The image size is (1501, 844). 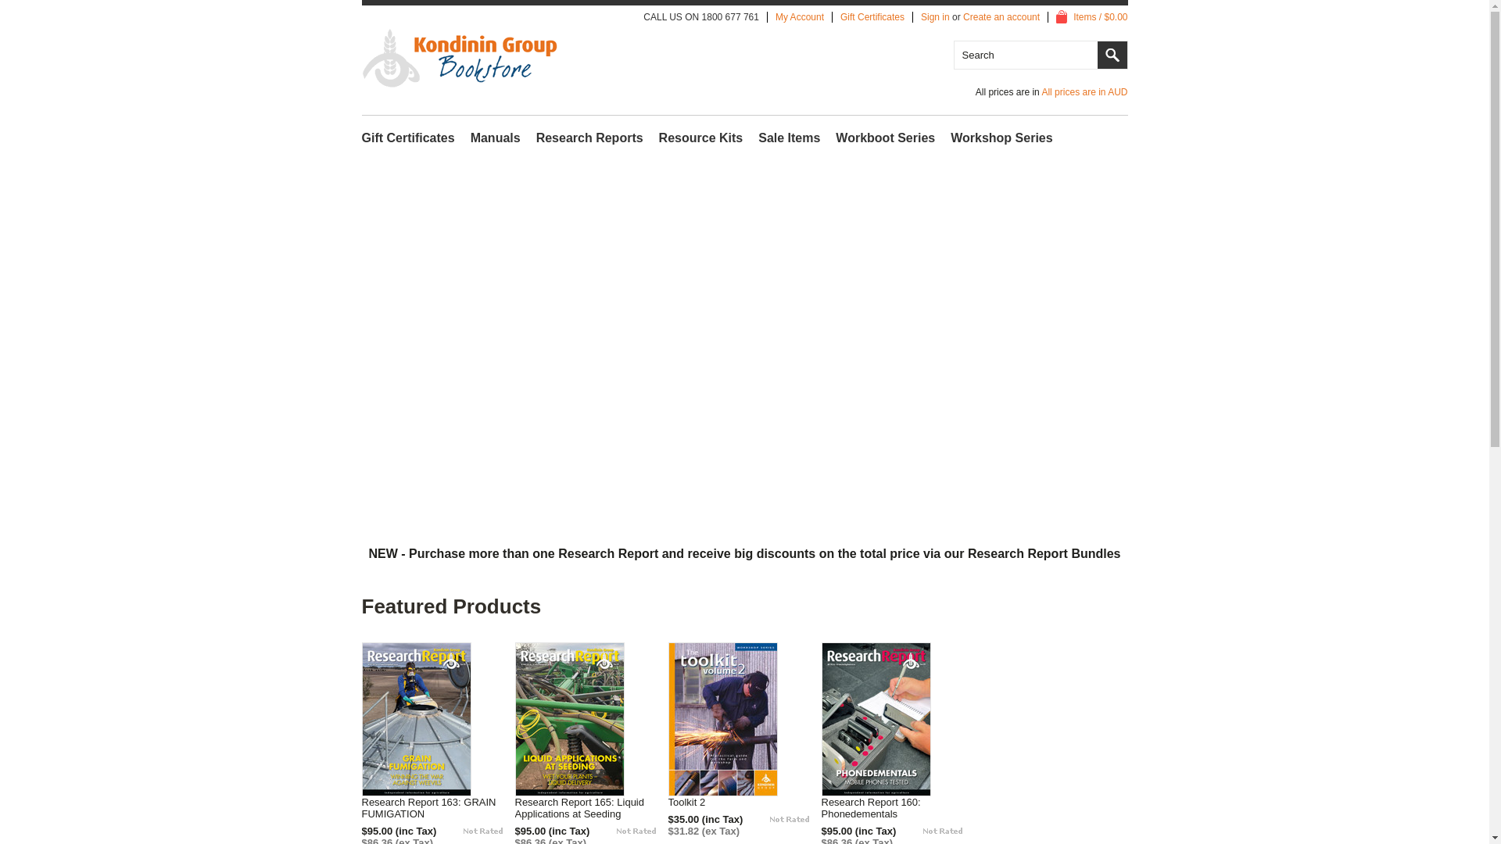 I want to click on 'Gift Certificates', so click(x=407, y=138).